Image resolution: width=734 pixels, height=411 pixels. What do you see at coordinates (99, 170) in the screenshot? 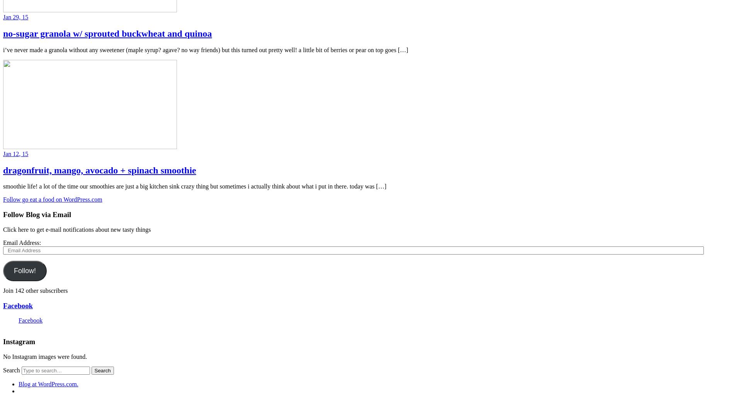
I see `'dragonfruit, mango, avocado + spinach smoothie'` at bounding box center [99, 170].